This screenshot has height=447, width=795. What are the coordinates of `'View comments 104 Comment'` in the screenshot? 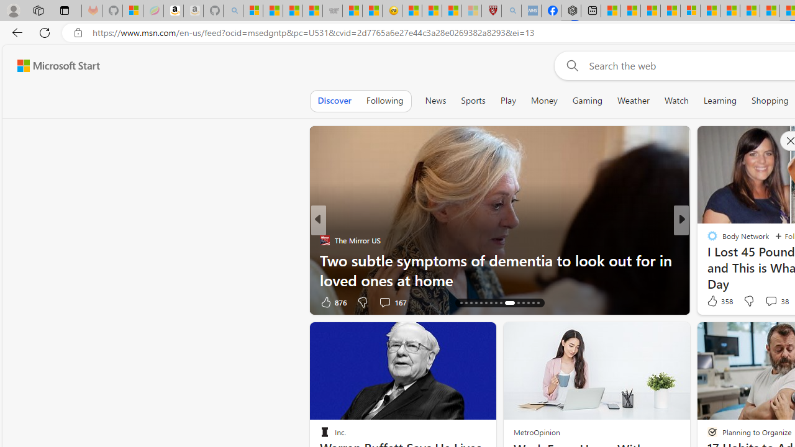 It's located at (775, 302).